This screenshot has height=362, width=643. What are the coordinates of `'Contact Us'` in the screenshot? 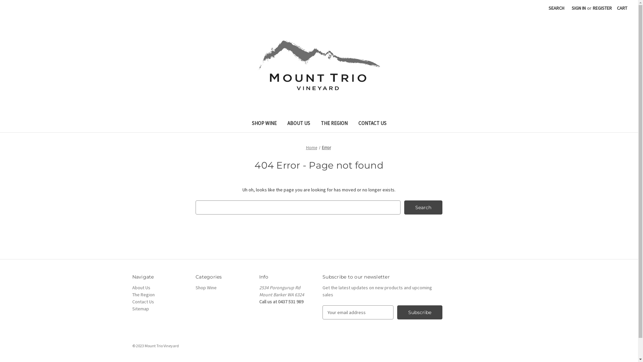 It's located at (142, 301).